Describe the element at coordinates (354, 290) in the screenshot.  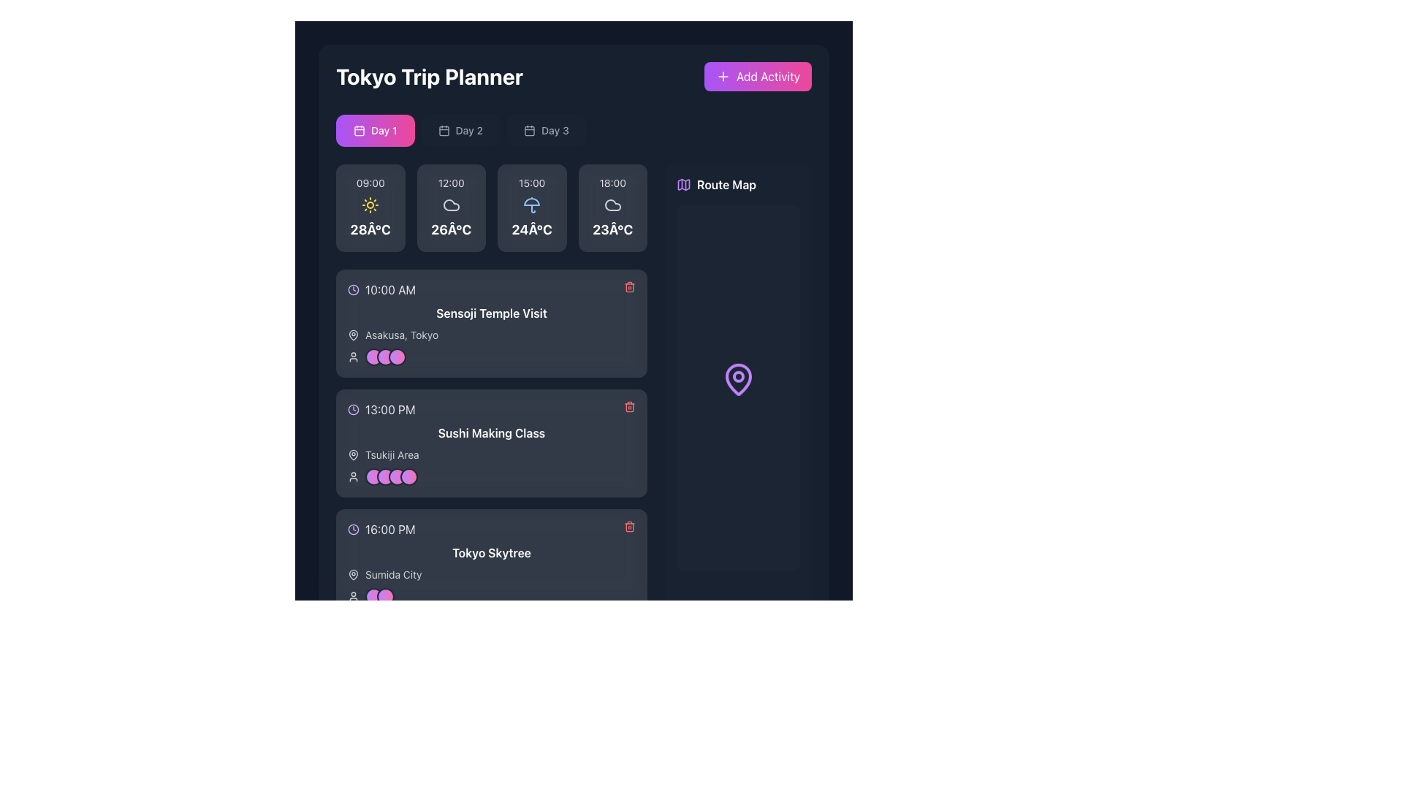
I see `the clock icon indicating the time '10:00 AM', which is positioned to the left of the text '10:00 AM'` at that location.